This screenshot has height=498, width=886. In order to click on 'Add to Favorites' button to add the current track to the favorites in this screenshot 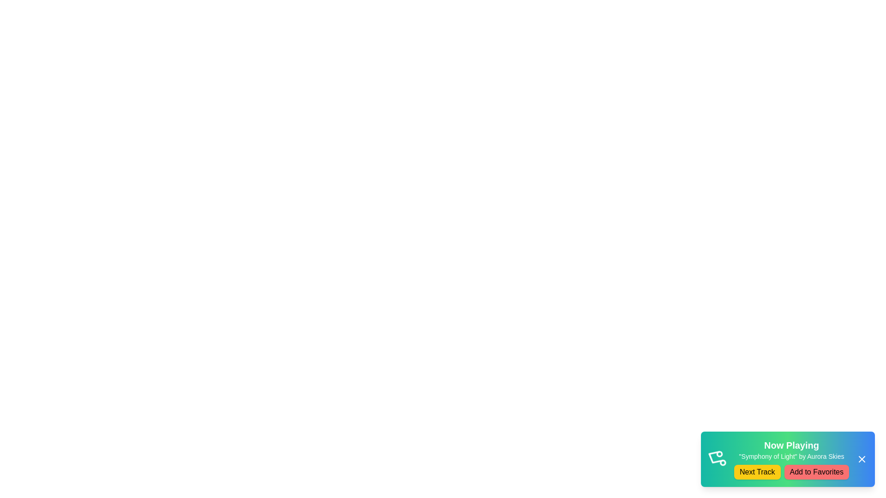, I will do `click(816, 472)`.